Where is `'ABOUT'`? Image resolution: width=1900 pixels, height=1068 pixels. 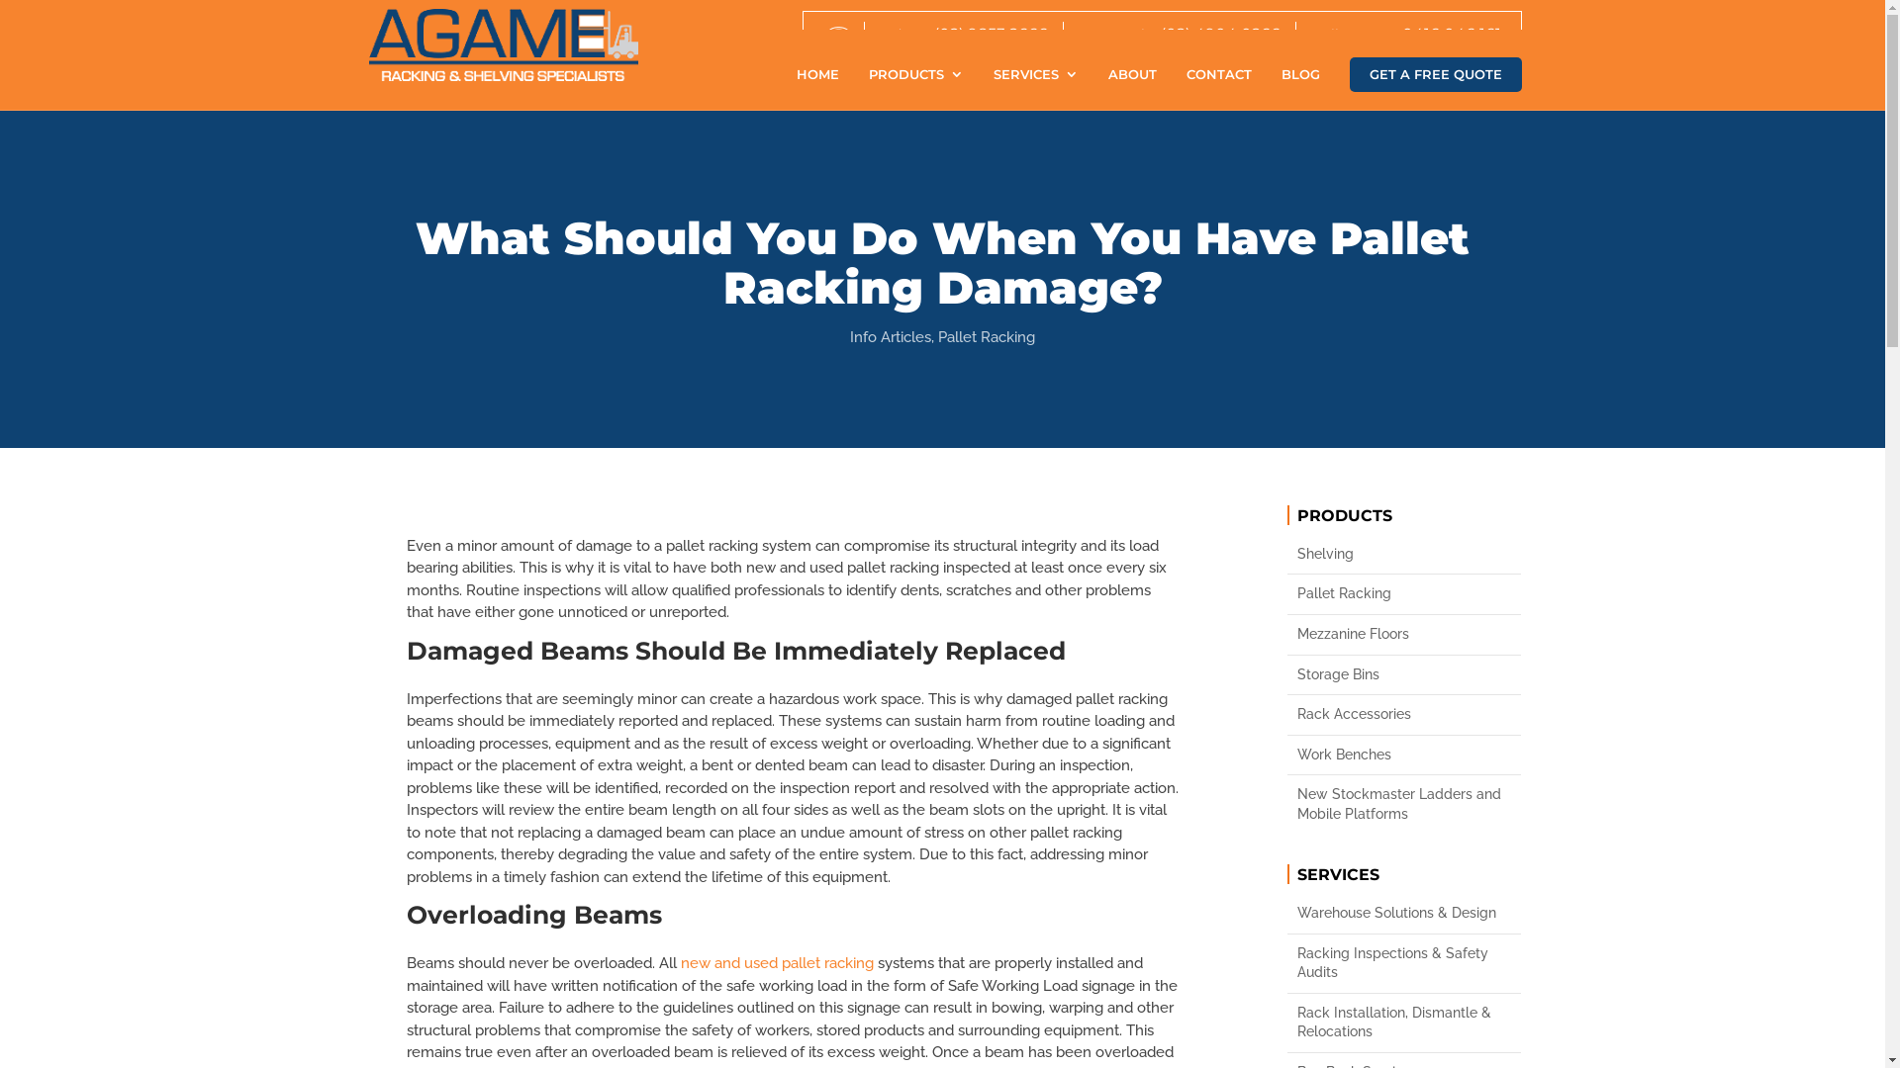 'ABOUT' is located at coordinates (1132, 87).